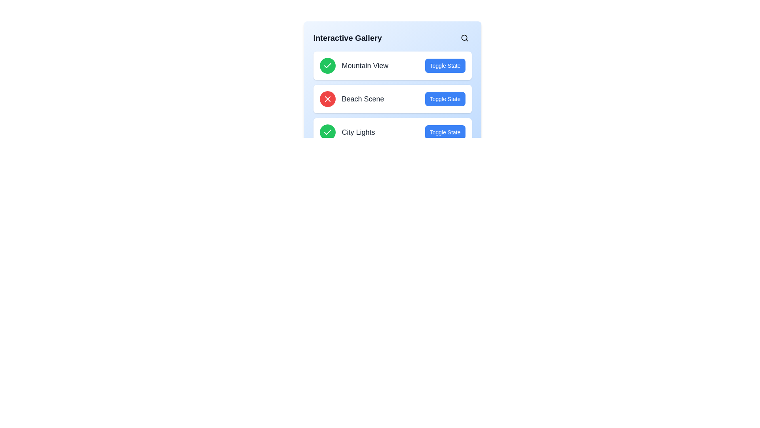  What do you see at coordinates (445, 132) in the screenshot?
I see `'Toggle State' button for the item labeled City Lights` at bounding box center [445, 132].